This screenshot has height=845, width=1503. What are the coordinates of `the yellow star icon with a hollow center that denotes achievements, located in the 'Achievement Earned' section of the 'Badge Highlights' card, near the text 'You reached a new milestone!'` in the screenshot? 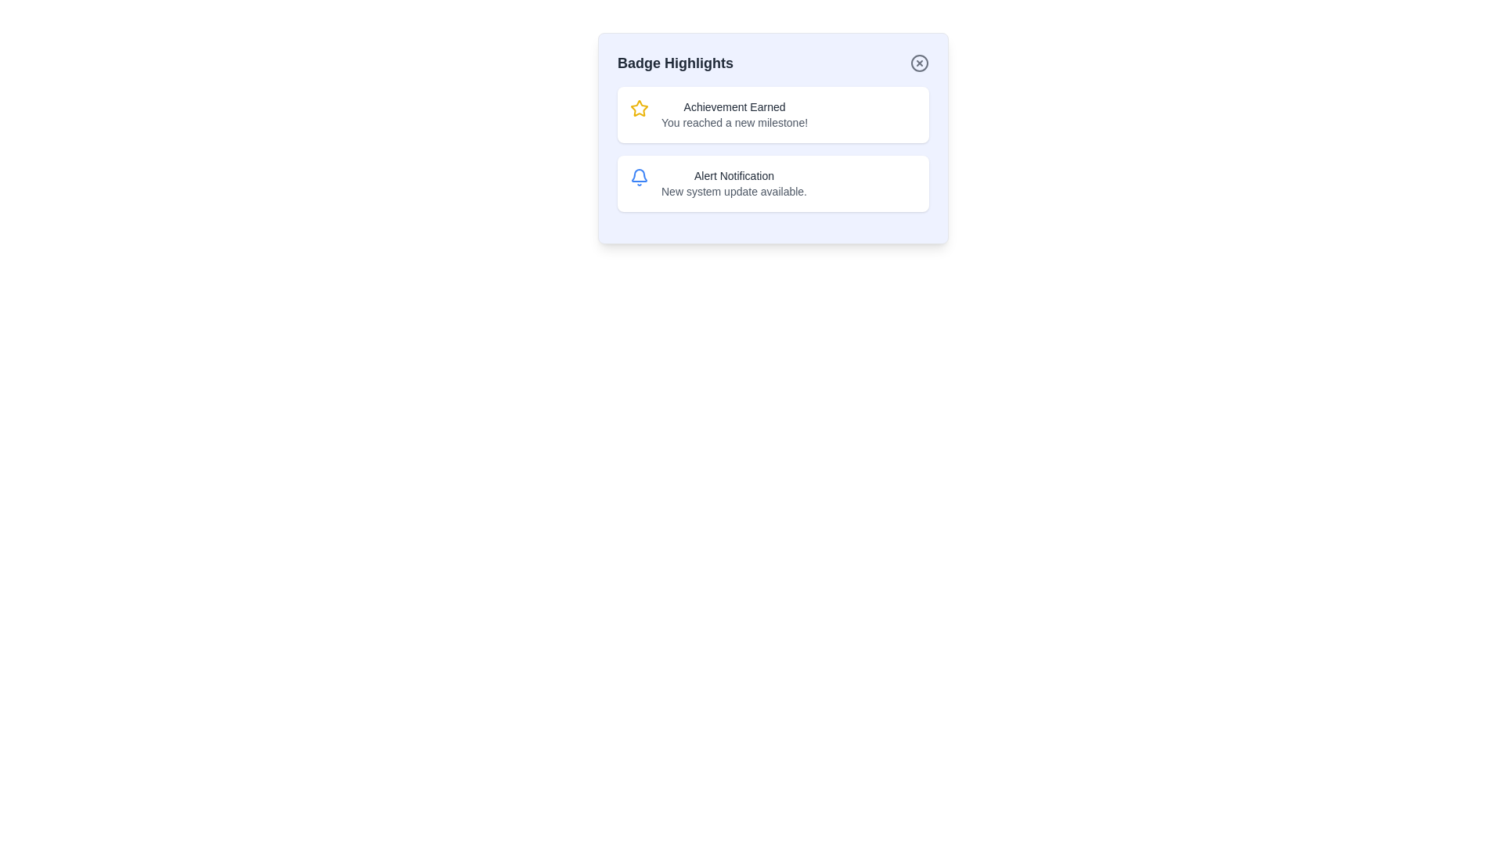 It's located at (639, 107).